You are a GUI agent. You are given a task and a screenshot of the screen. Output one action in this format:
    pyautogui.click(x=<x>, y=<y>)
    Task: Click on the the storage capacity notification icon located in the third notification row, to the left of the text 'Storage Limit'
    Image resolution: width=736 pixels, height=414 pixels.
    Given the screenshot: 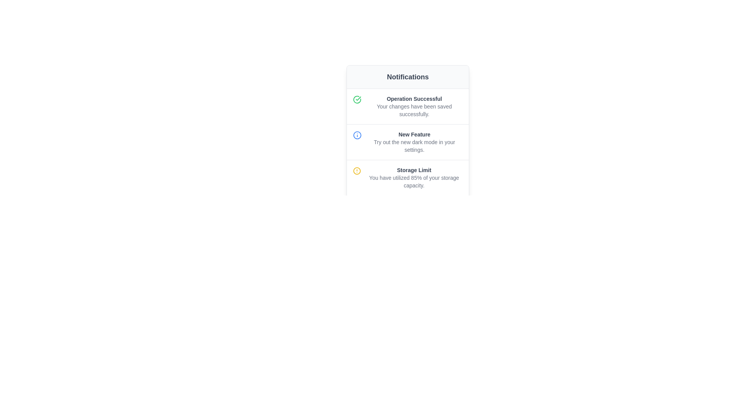 What is the action you would take?
    pyautogui.click(x=356, y=171)
    